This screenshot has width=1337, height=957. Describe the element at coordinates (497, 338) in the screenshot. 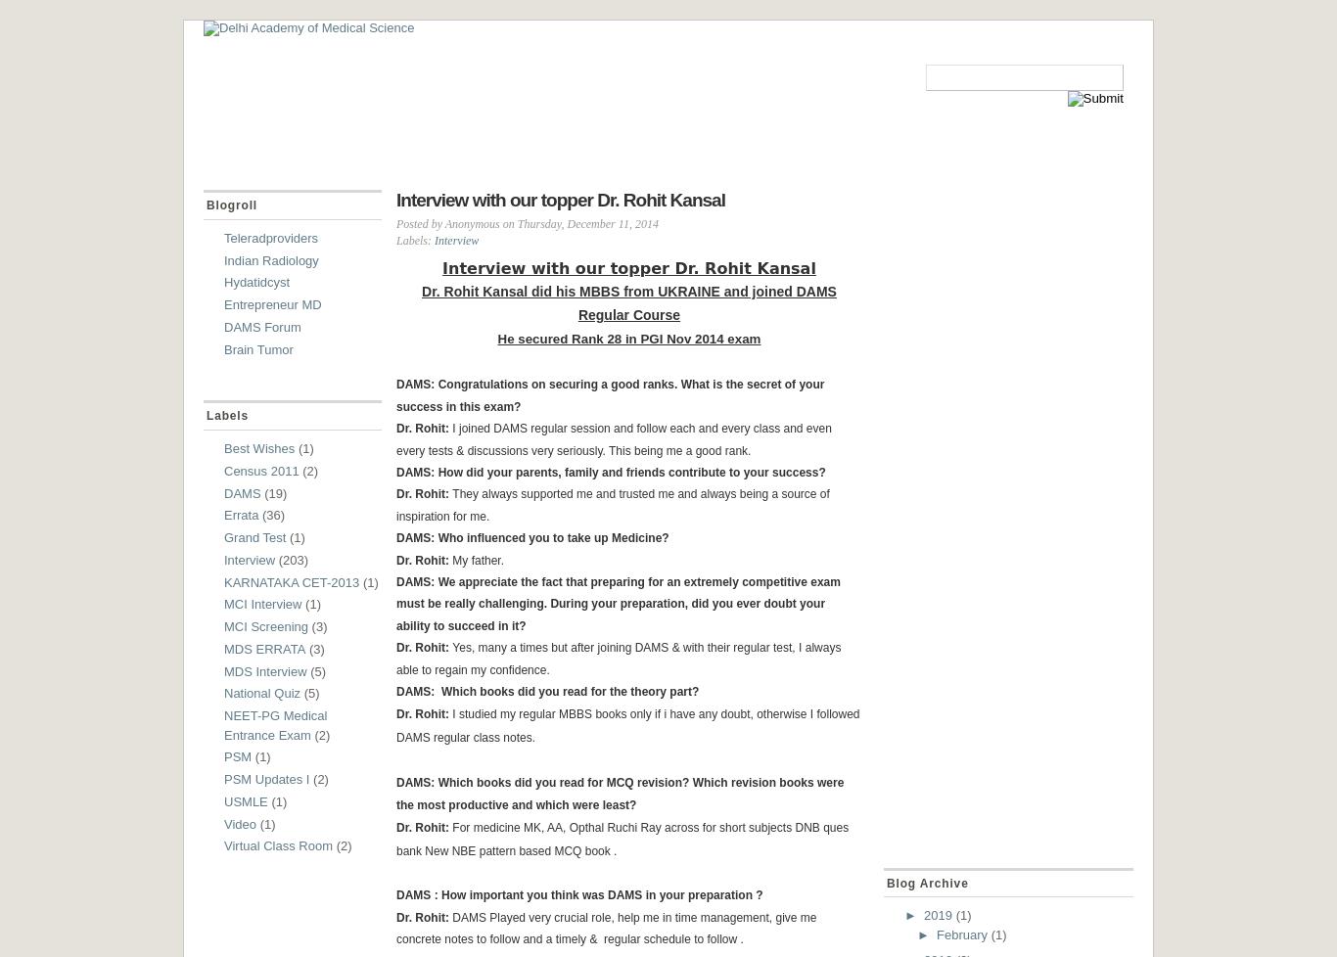

I see `'He secured Rank 28'` at that location.